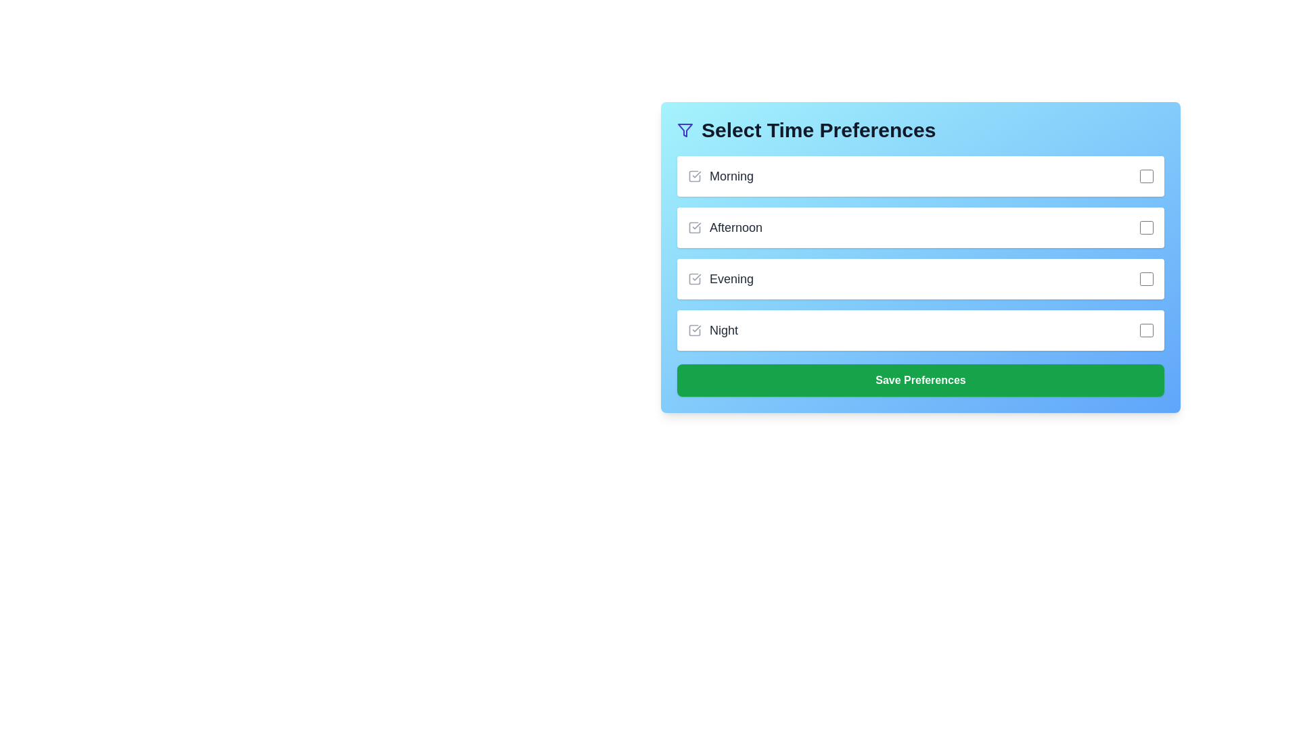 The height and width of the screenshot is (730, 1299). Describe the element at coordinates (695, 176) in the screenshot. I see `the 'Morning' time preference checkbox, which visually indicates the selection of the option within the 'Select Time Preferences' section` at that location.